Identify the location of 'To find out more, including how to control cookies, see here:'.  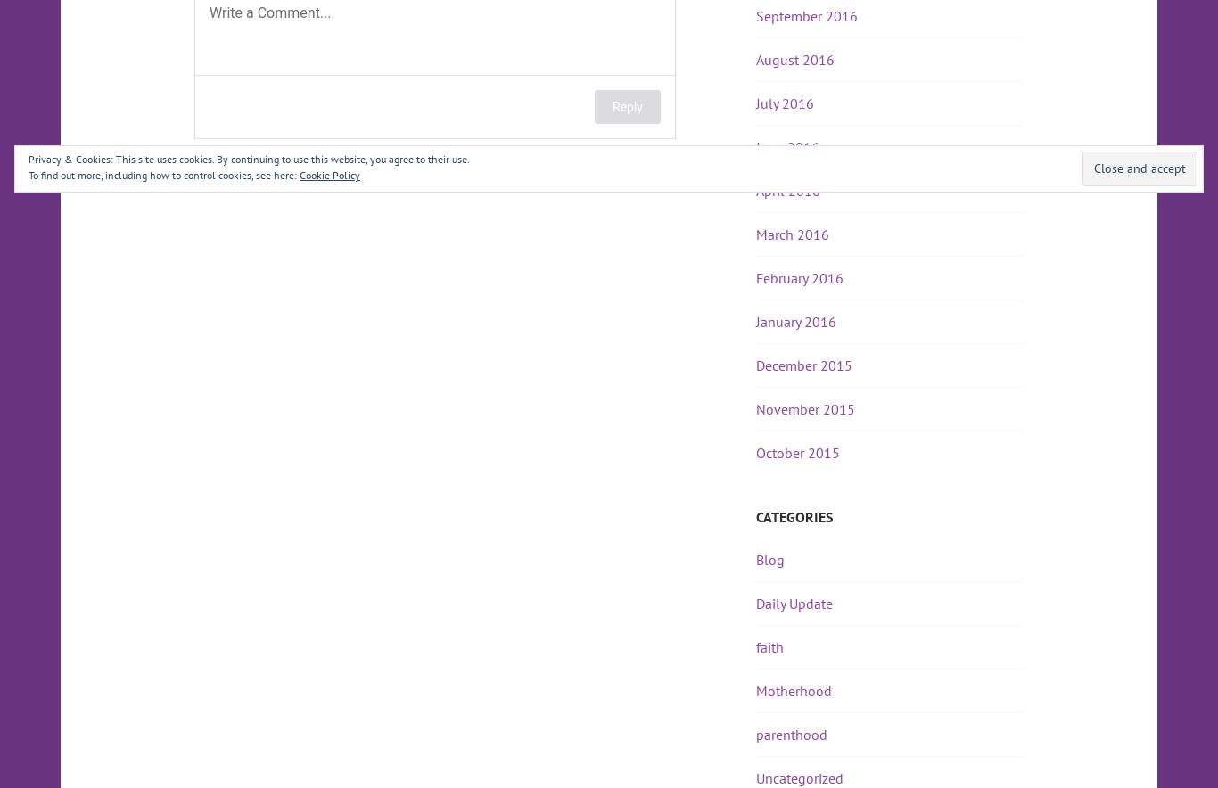
(28, 174).